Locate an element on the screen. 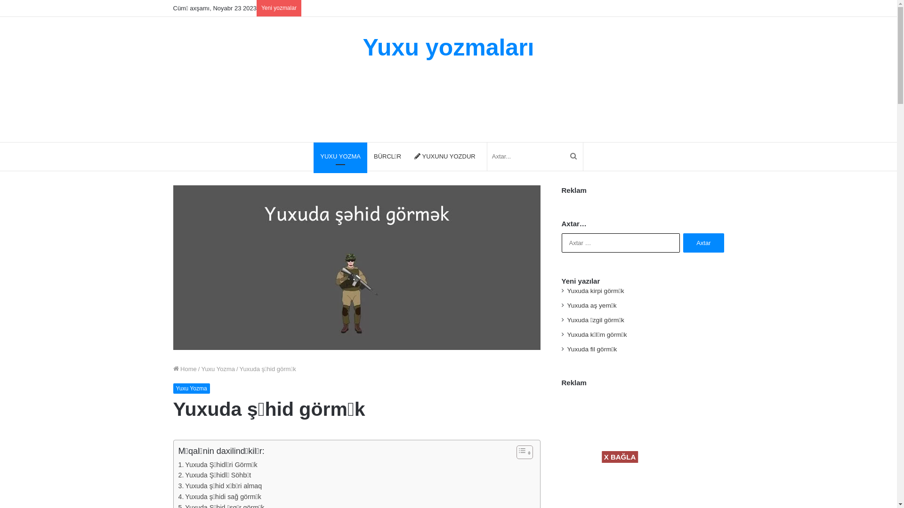  'Yuxu Yozma' is located at coordinates (191, 388).